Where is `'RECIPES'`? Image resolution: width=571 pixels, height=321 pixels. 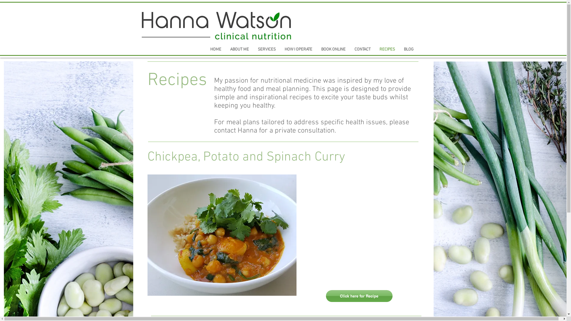
'RECIPES' is located at coordinates (387, 49).